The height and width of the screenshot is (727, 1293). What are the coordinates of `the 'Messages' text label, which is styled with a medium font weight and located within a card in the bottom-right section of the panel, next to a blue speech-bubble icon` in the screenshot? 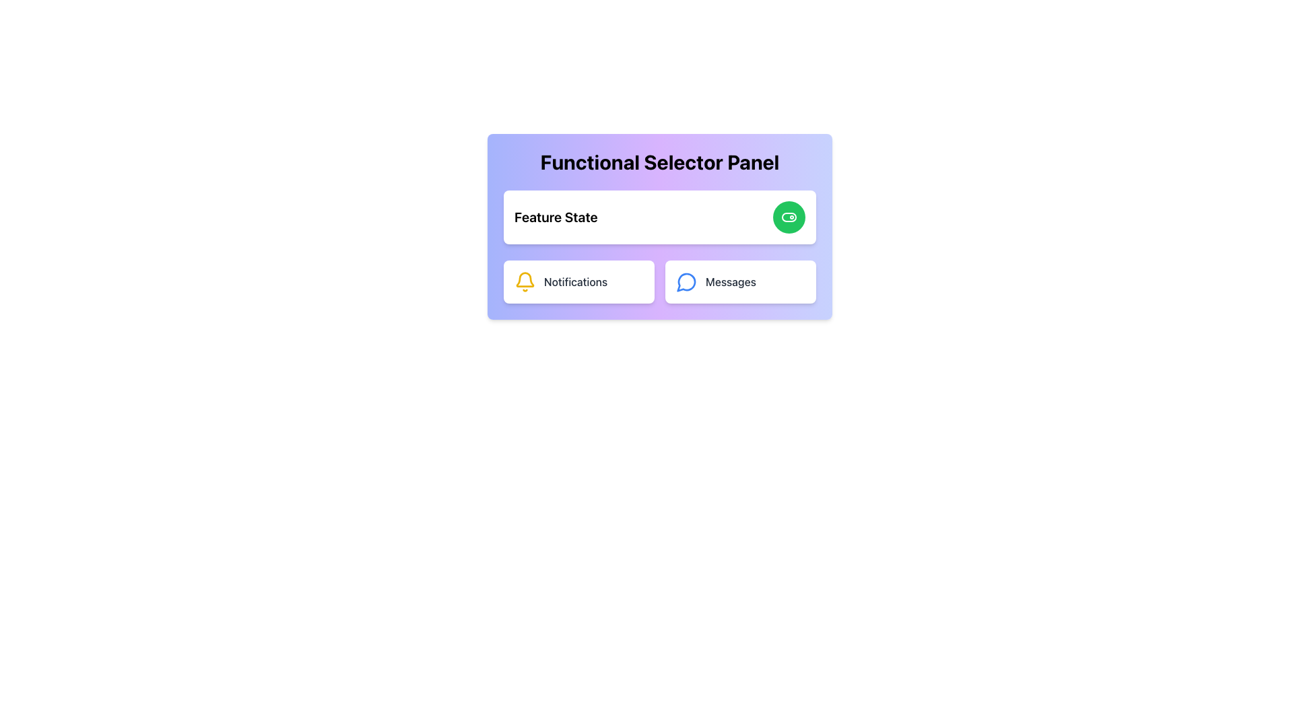 It's located at (730, 281).